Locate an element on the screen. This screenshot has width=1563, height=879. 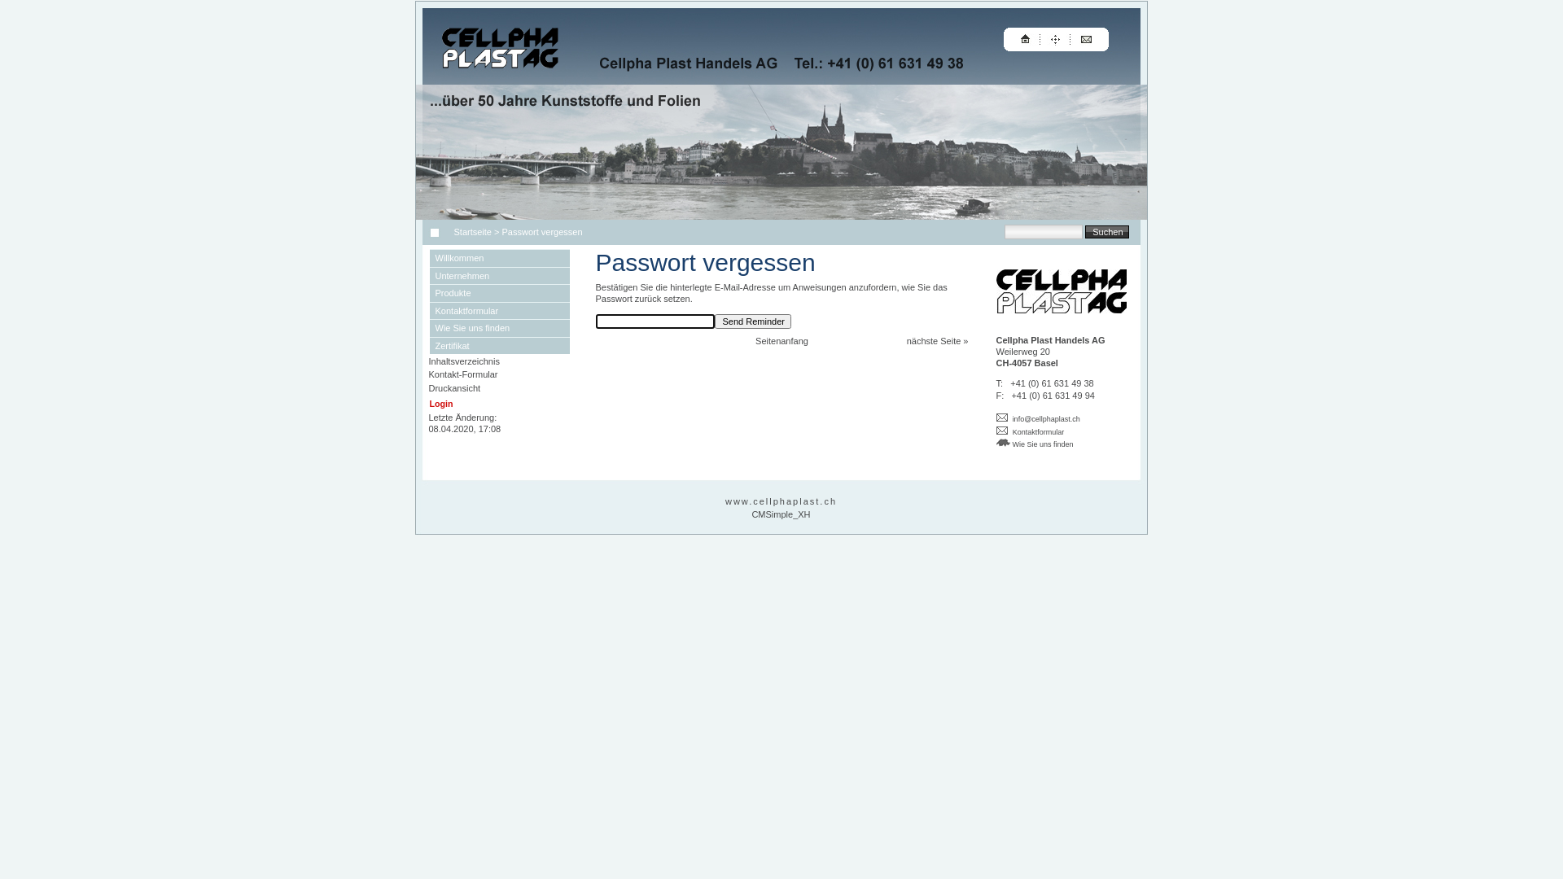
'Willkommen' is located at coordinates (430, 256).